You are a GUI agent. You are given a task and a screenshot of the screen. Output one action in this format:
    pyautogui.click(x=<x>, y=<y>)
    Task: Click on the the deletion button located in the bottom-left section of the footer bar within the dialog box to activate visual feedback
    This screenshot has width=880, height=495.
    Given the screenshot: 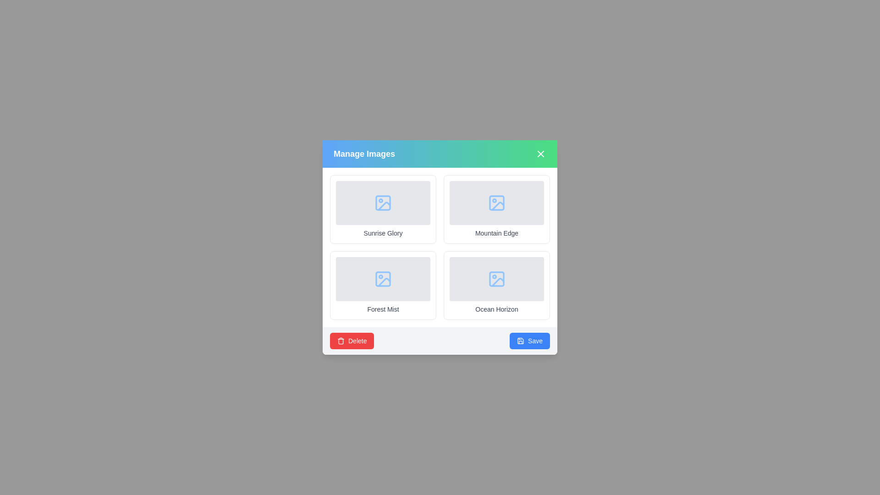 What is the action you would take?
    pyautogui.click(x=352, y=341)
    